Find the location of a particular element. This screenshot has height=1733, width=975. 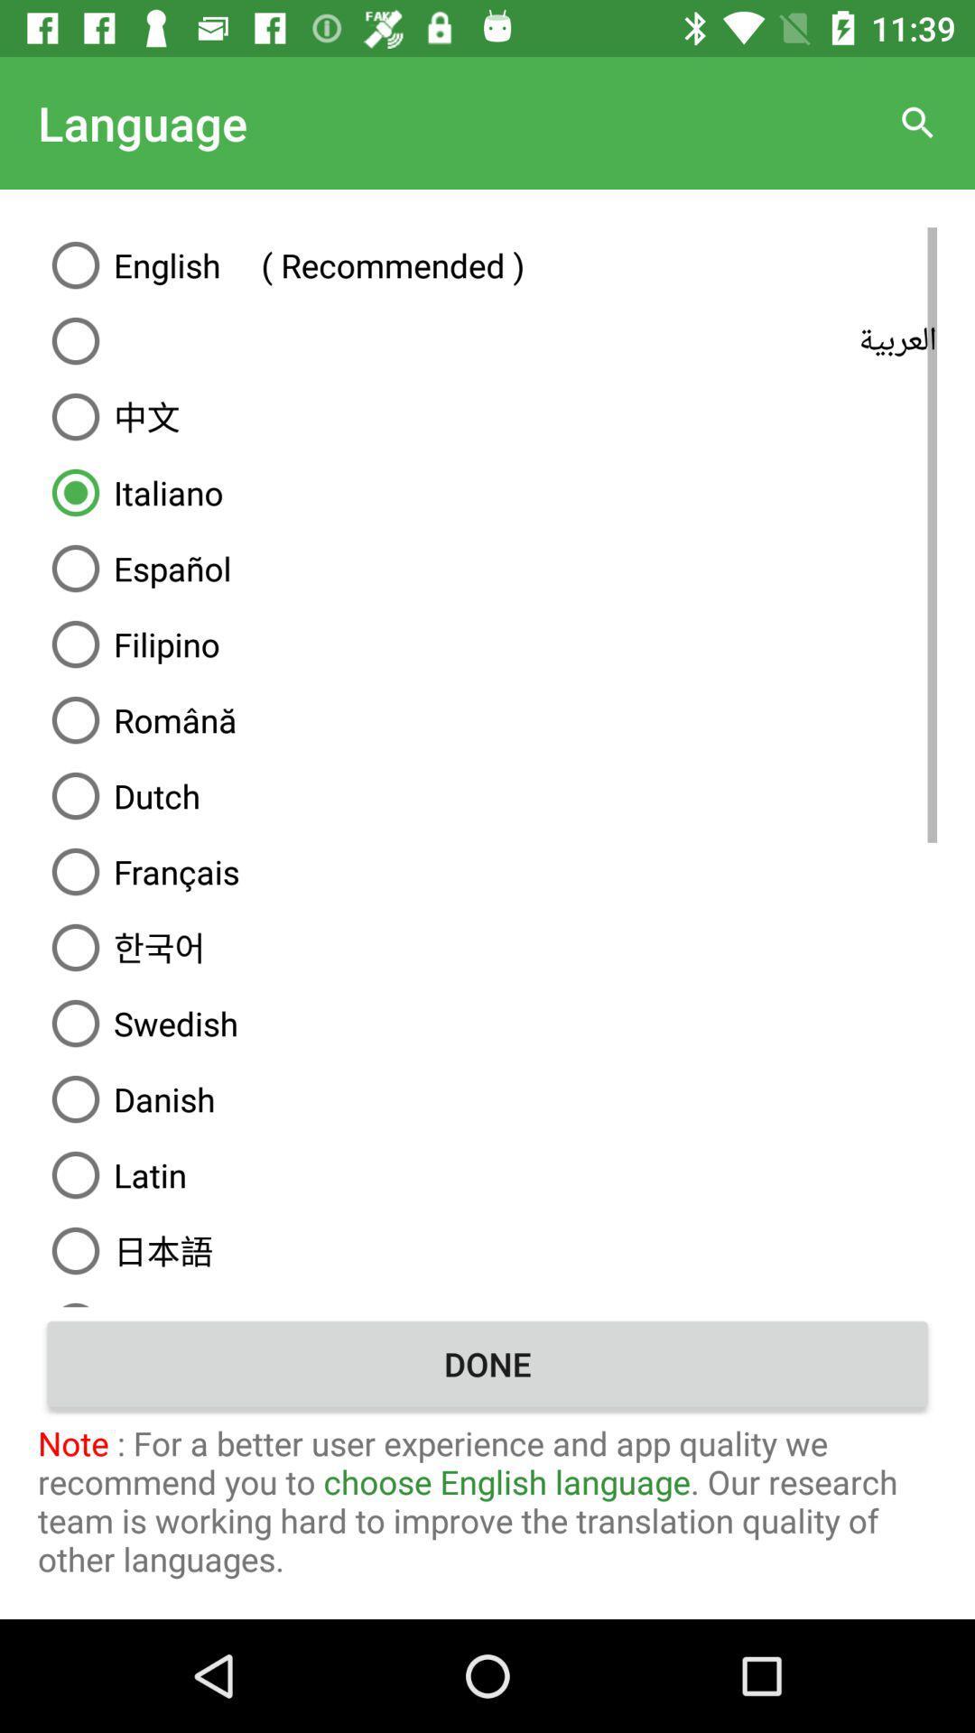

icon above the done item is located at coordinates (487, 1297).